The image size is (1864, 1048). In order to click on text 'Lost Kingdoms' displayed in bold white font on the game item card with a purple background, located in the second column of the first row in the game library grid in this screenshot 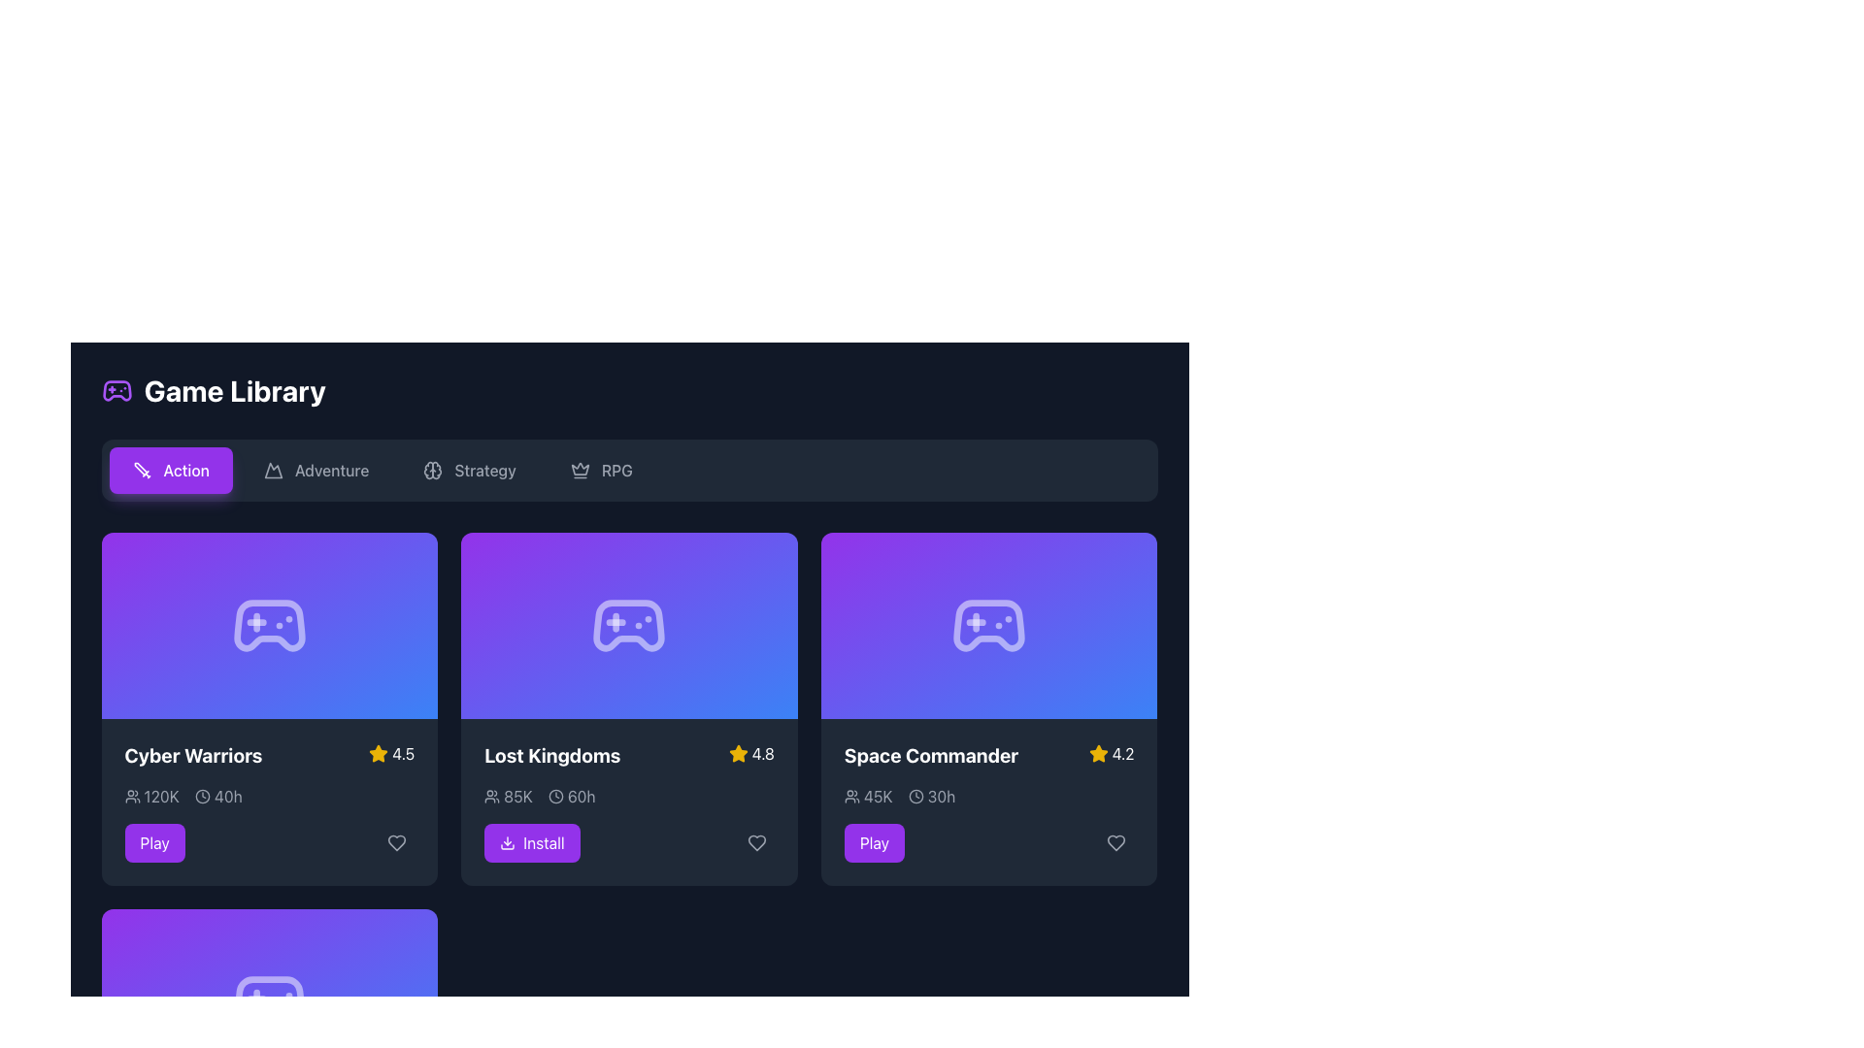, I will do `click(551, 755)`.